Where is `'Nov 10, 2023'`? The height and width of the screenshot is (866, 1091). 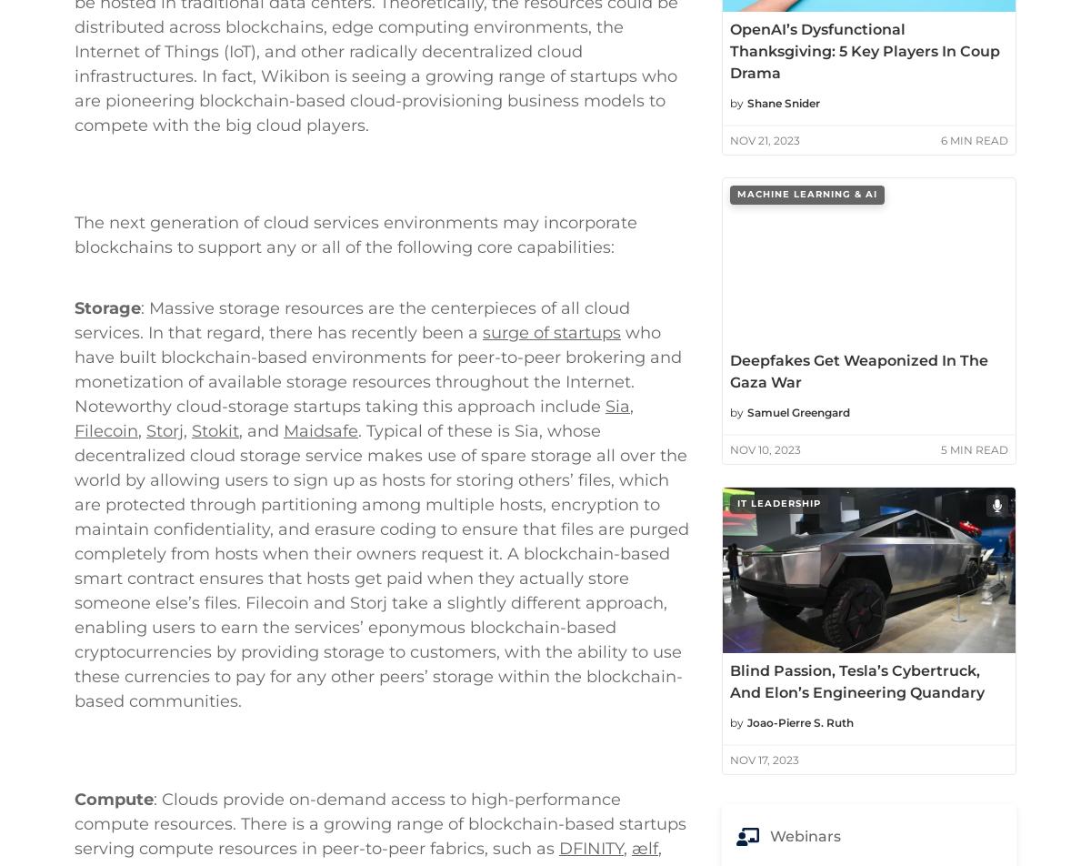 'Nov 10, 2023' is located at coordinates (729, 449).